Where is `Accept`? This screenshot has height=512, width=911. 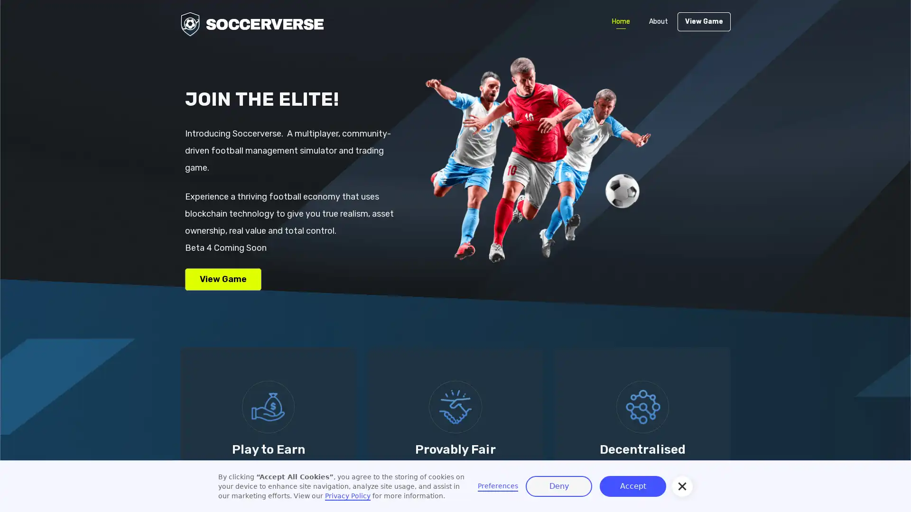 Accept is located at coordinates (633, 486).